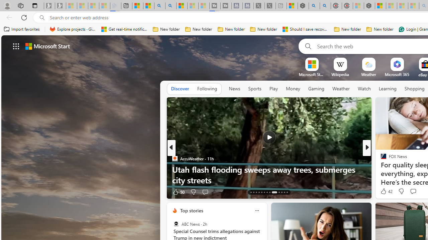 This screenshot has height=240, width=428. I want to click on 'Gaming', so click(316, 88).